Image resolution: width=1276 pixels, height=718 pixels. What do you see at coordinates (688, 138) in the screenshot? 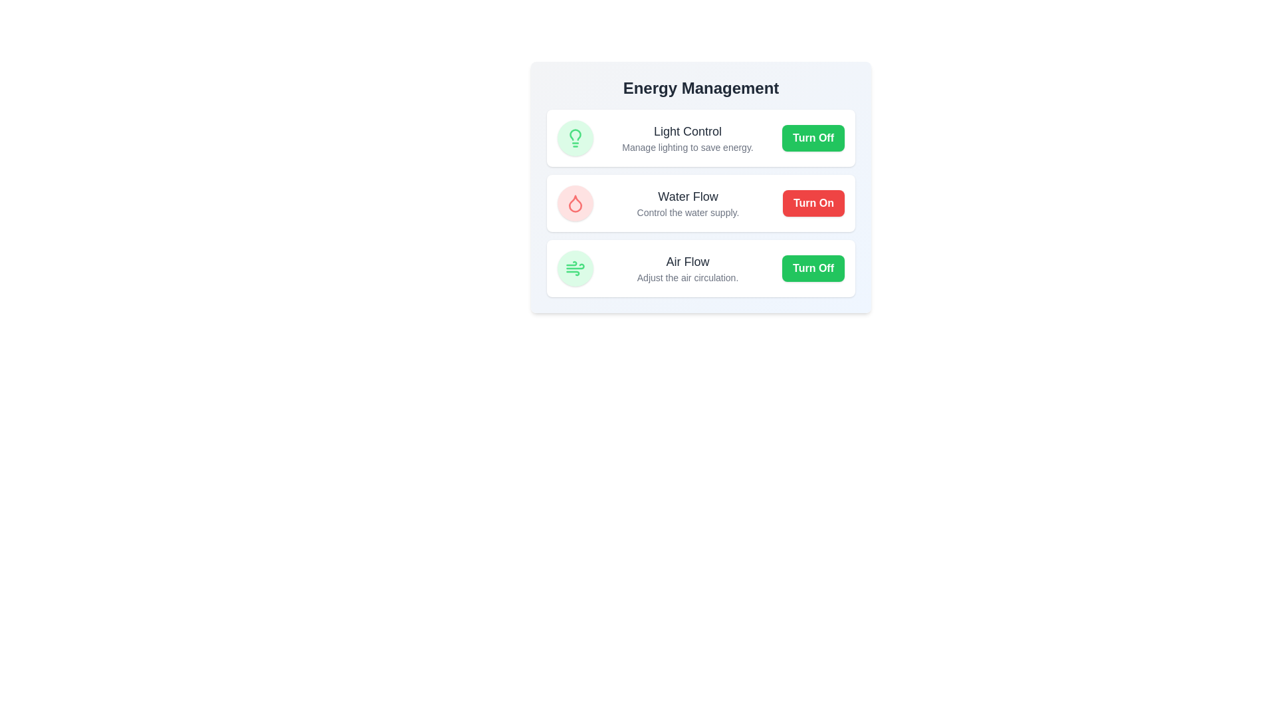
I see `the Informational Label that describes light control, positioned between a green circular icon on the left and a 'Turn Off' button on the right` at bounding box center [688, 138].